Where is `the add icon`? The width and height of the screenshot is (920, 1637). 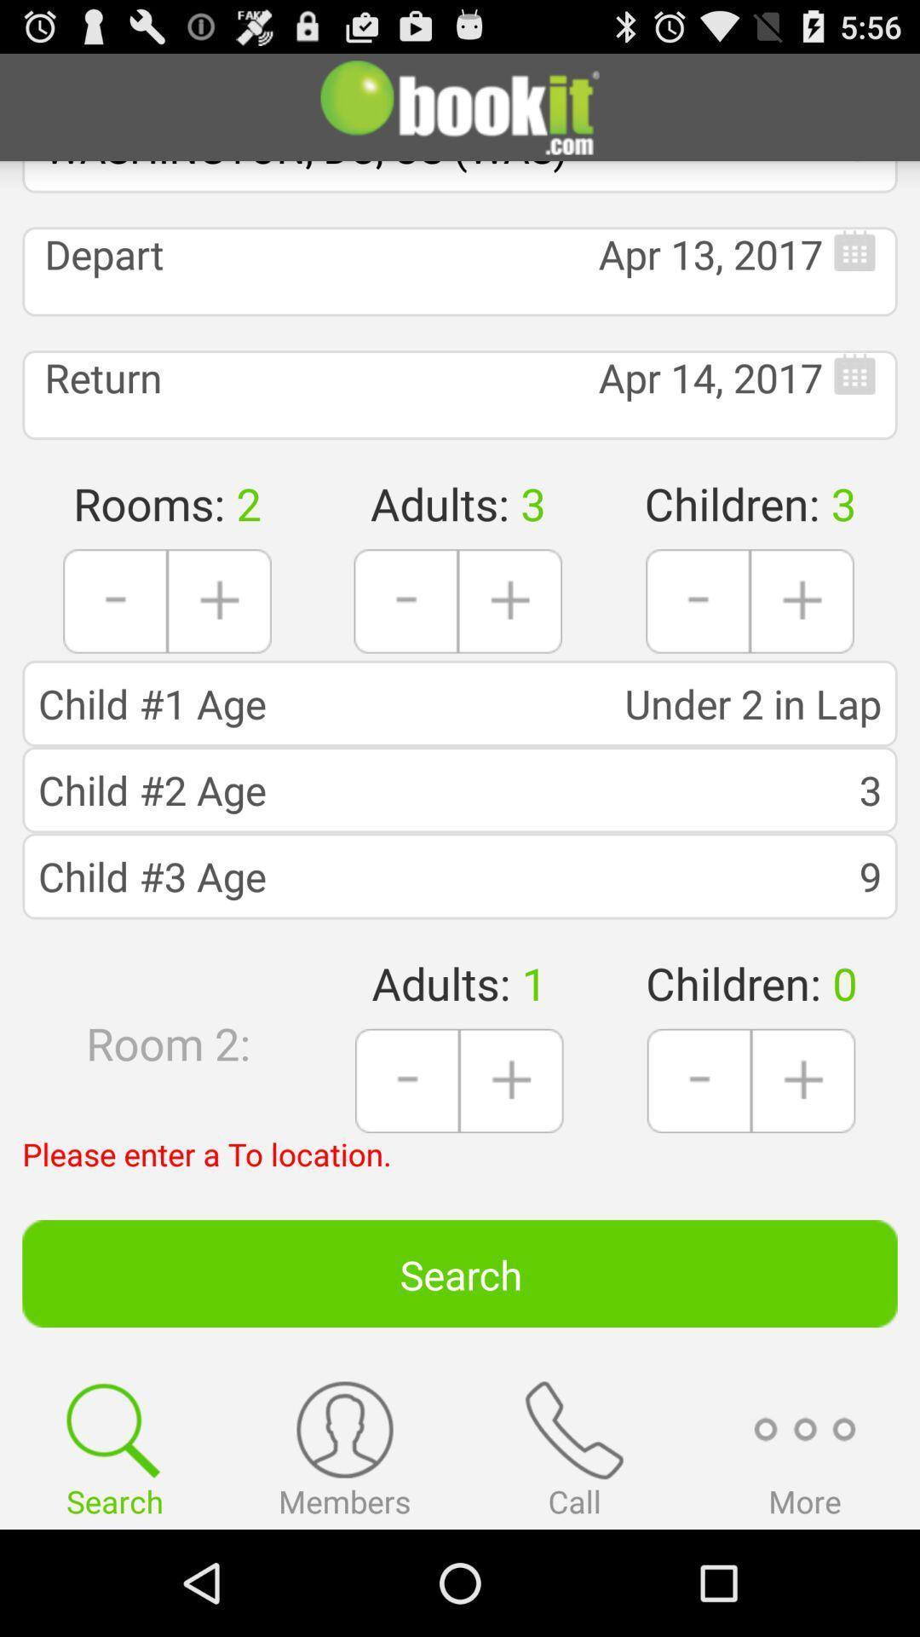
the add icon is located at coordinates (218, 642).